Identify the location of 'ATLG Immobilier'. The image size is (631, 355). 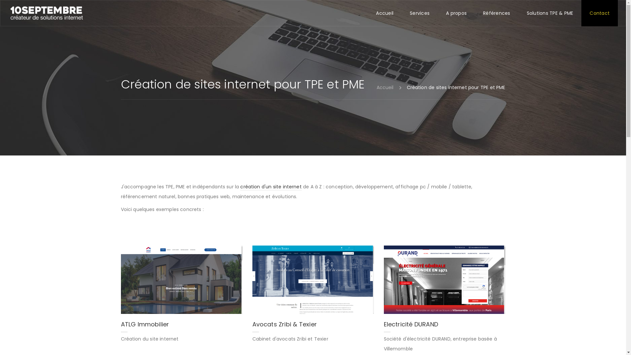
(181, 279).